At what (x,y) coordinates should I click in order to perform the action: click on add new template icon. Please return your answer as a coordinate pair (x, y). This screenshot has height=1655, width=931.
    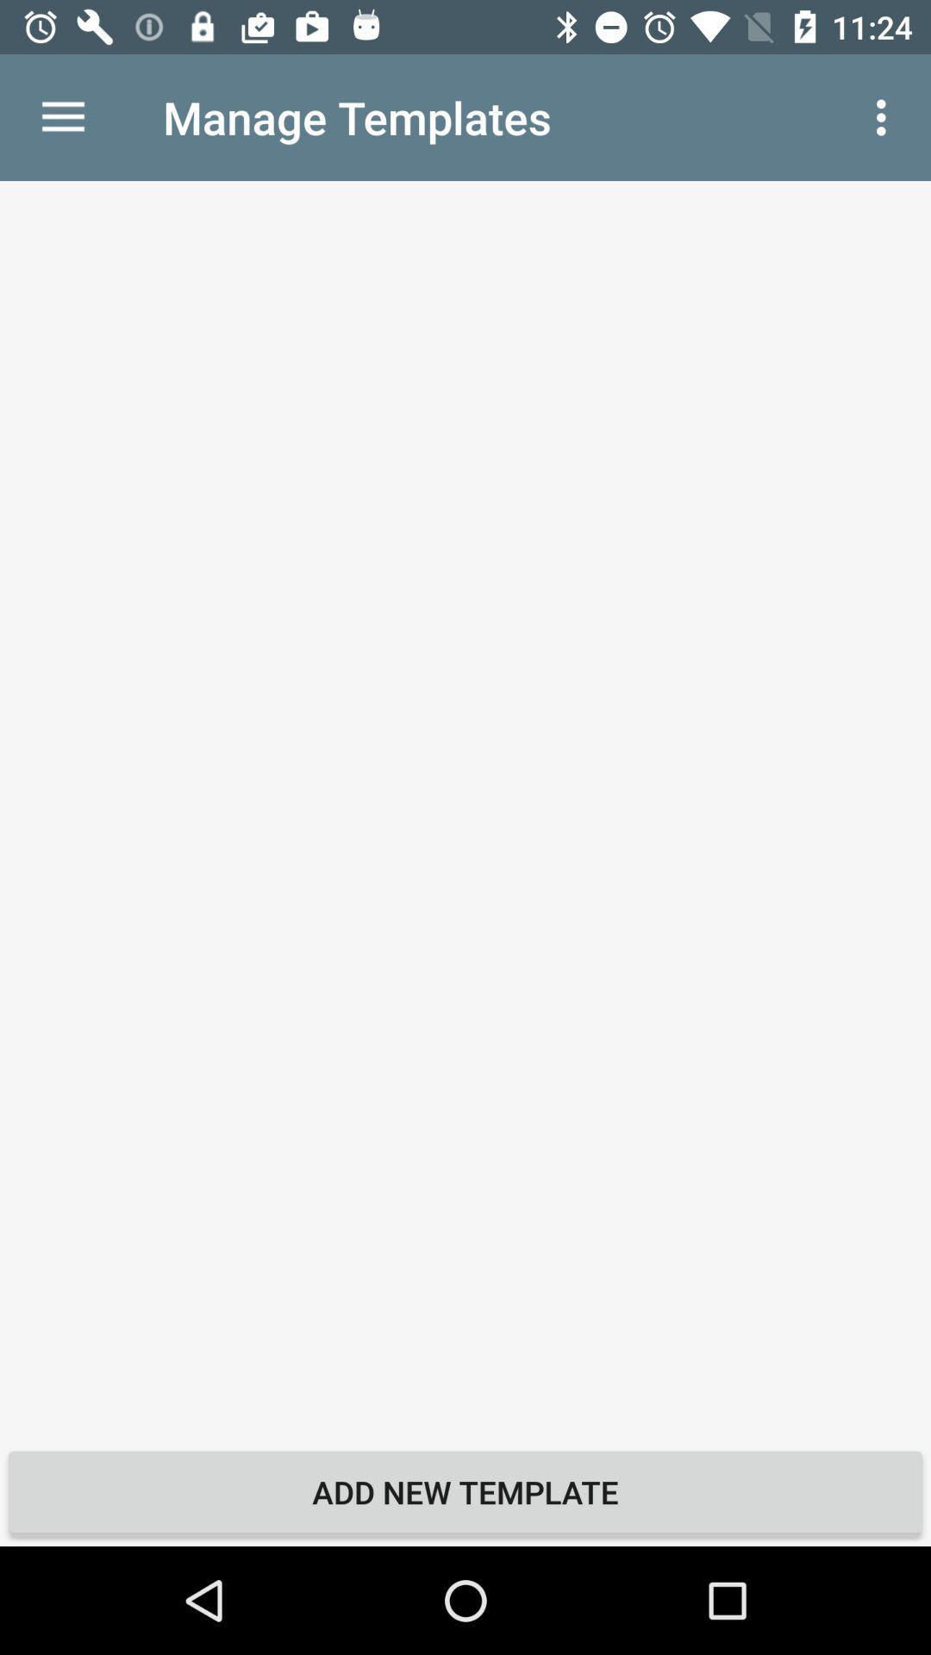
    Looking at the image, I should click on (465, 1491).